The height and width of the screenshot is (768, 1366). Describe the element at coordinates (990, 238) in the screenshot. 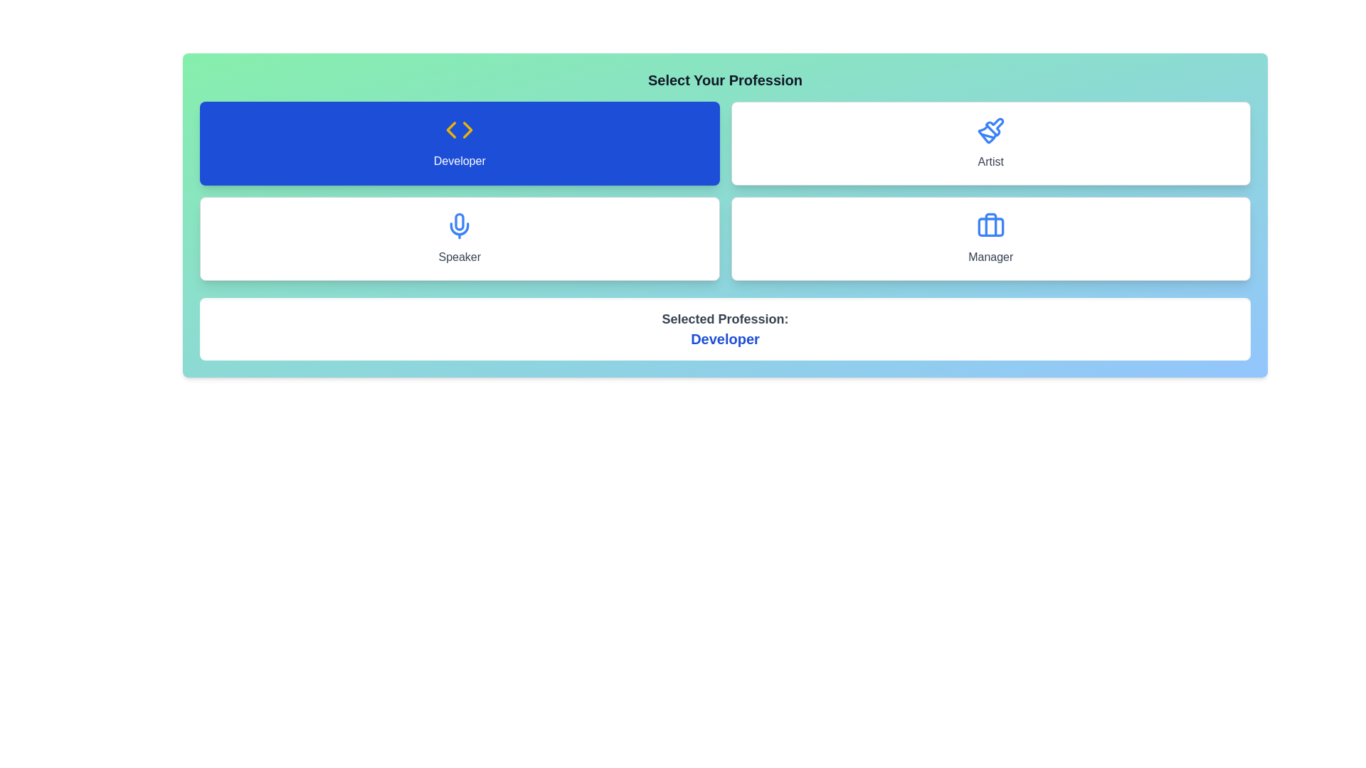

I see `the profession Manager by clicking its corresponding button` at that location.